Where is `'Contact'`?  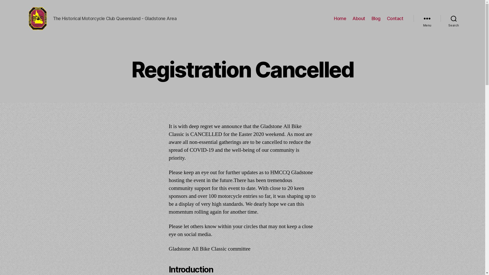
'Contact' is located at coordinates (395, 18).